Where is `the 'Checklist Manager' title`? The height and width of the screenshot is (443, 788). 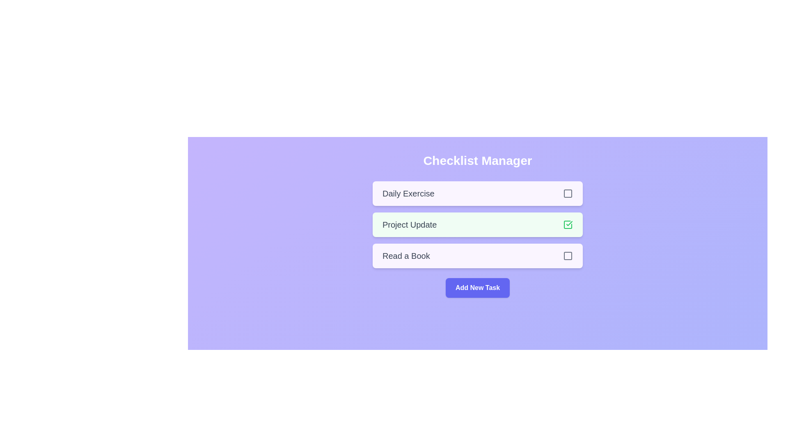
the 'Checklist Manager' title is located at coordinates (477, 161).